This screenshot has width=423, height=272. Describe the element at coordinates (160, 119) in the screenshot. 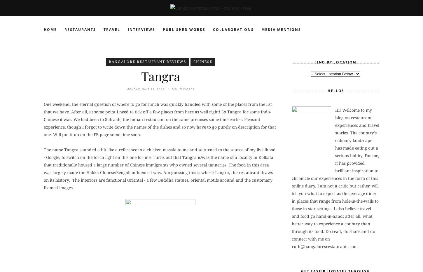

I see `'One weekend, the eternal question of where to go for lunch was quickly handled with some of the places from the list that we have. After all, at some point I need to tick off a few places from here as well right! So Tangra for some Indo-Chinese it was. We had been to Sofraah, the Indian restaurant on the same premises some time earlier. Pleasant experience, though I forgot to write down the names of the dishes and so now have to go purely on description for that one. Will put it up on the FB page some time soon.'` at that location.